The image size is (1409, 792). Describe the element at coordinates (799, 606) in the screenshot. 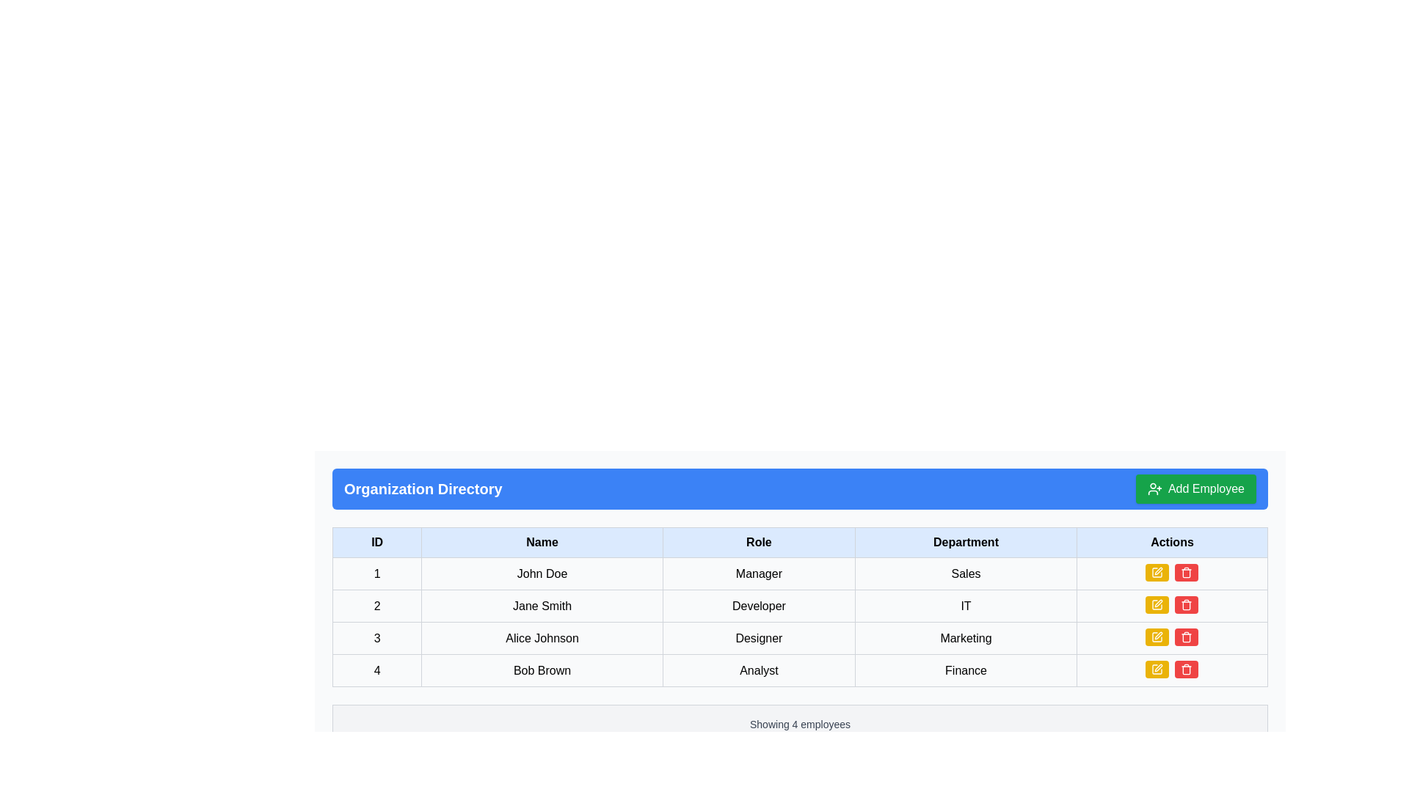

I see `the second row in the data table that contains 'Jane Smith', 'Developer', and 'IT'` at that location.